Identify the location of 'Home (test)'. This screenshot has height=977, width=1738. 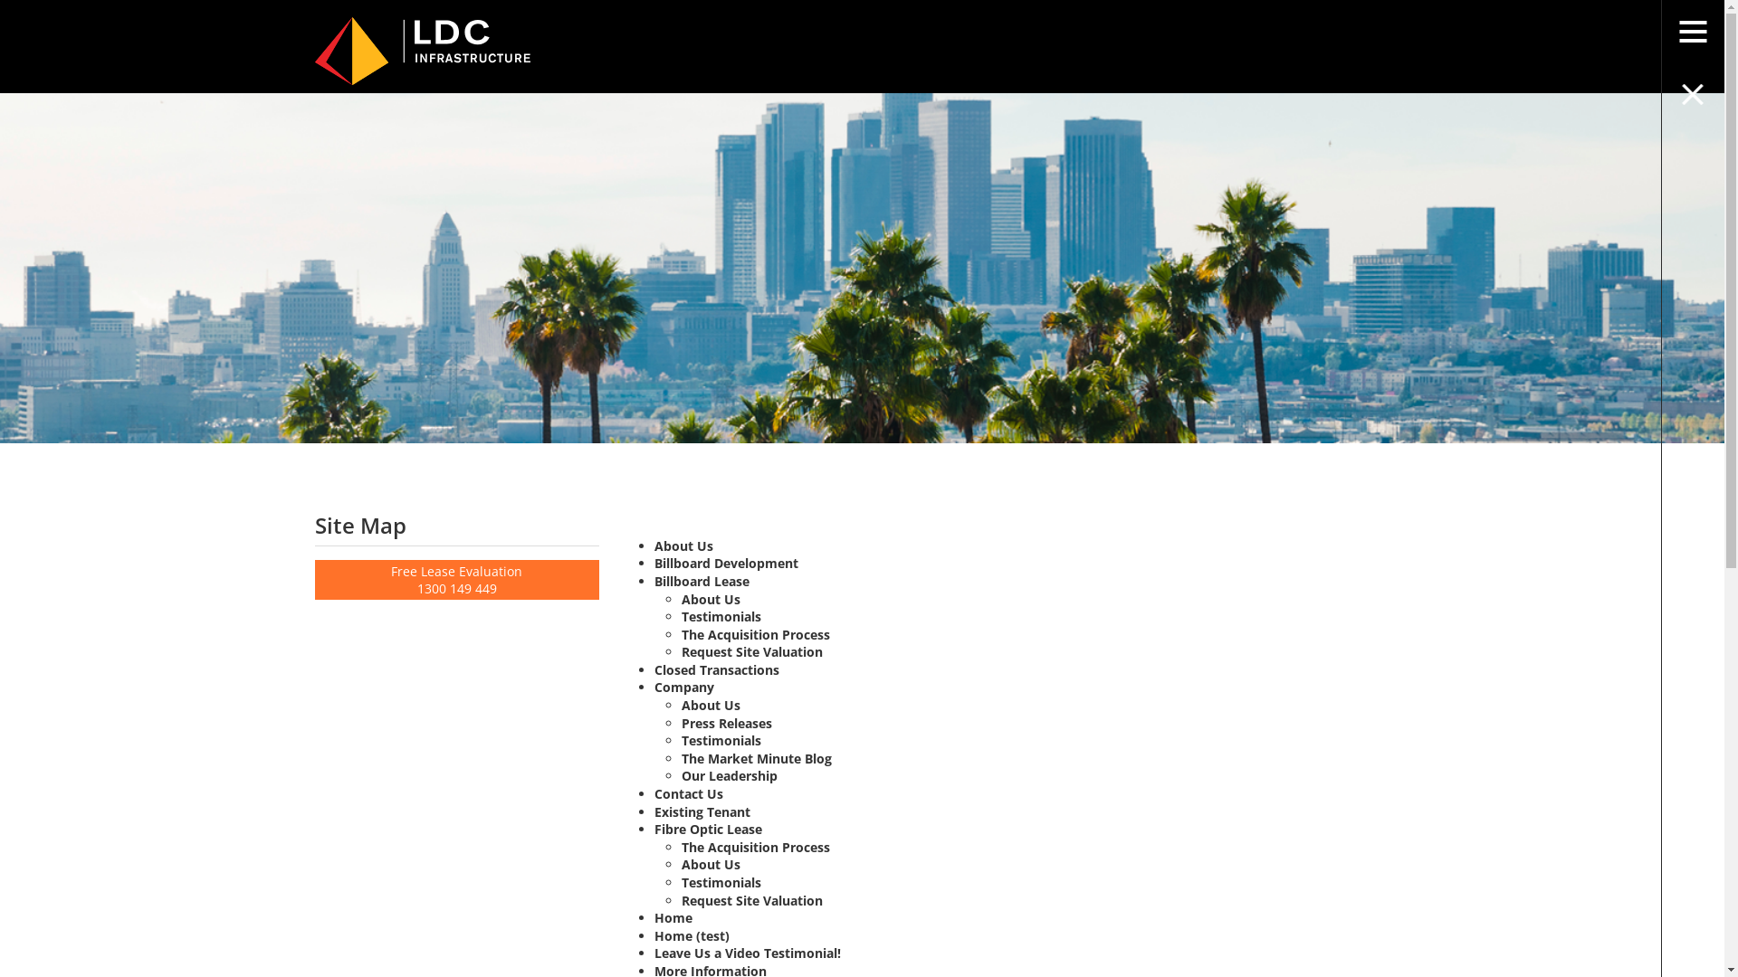
(654, 935).